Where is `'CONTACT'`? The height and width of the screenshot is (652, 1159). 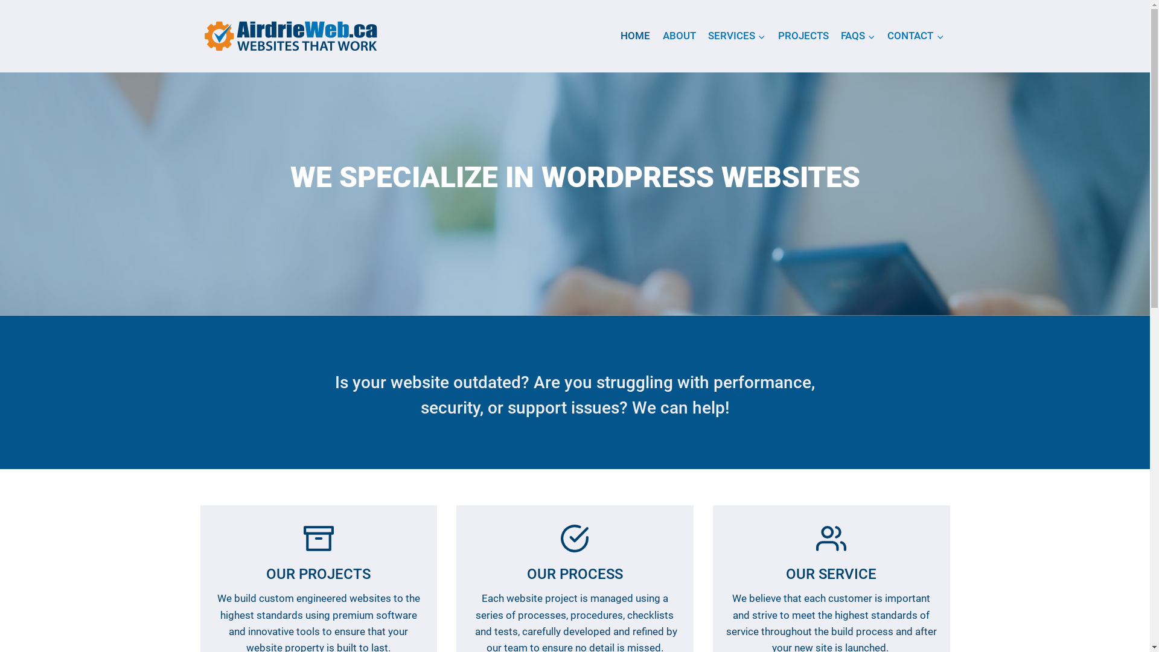 'CONTACT' is located at coordinates (915, 36).